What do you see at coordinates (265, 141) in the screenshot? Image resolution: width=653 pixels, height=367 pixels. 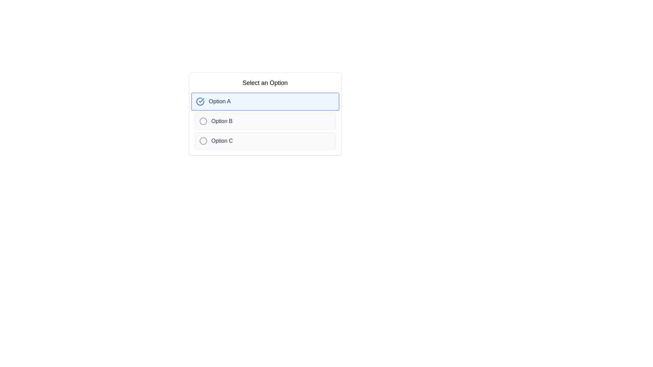 I see `the 'Option C' radio button` at bounding box center [265, 141].